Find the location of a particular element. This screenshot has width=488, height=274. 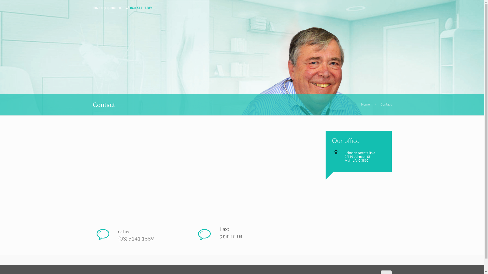

'(03) 5141 1889' is located at coordinates (141, 8).